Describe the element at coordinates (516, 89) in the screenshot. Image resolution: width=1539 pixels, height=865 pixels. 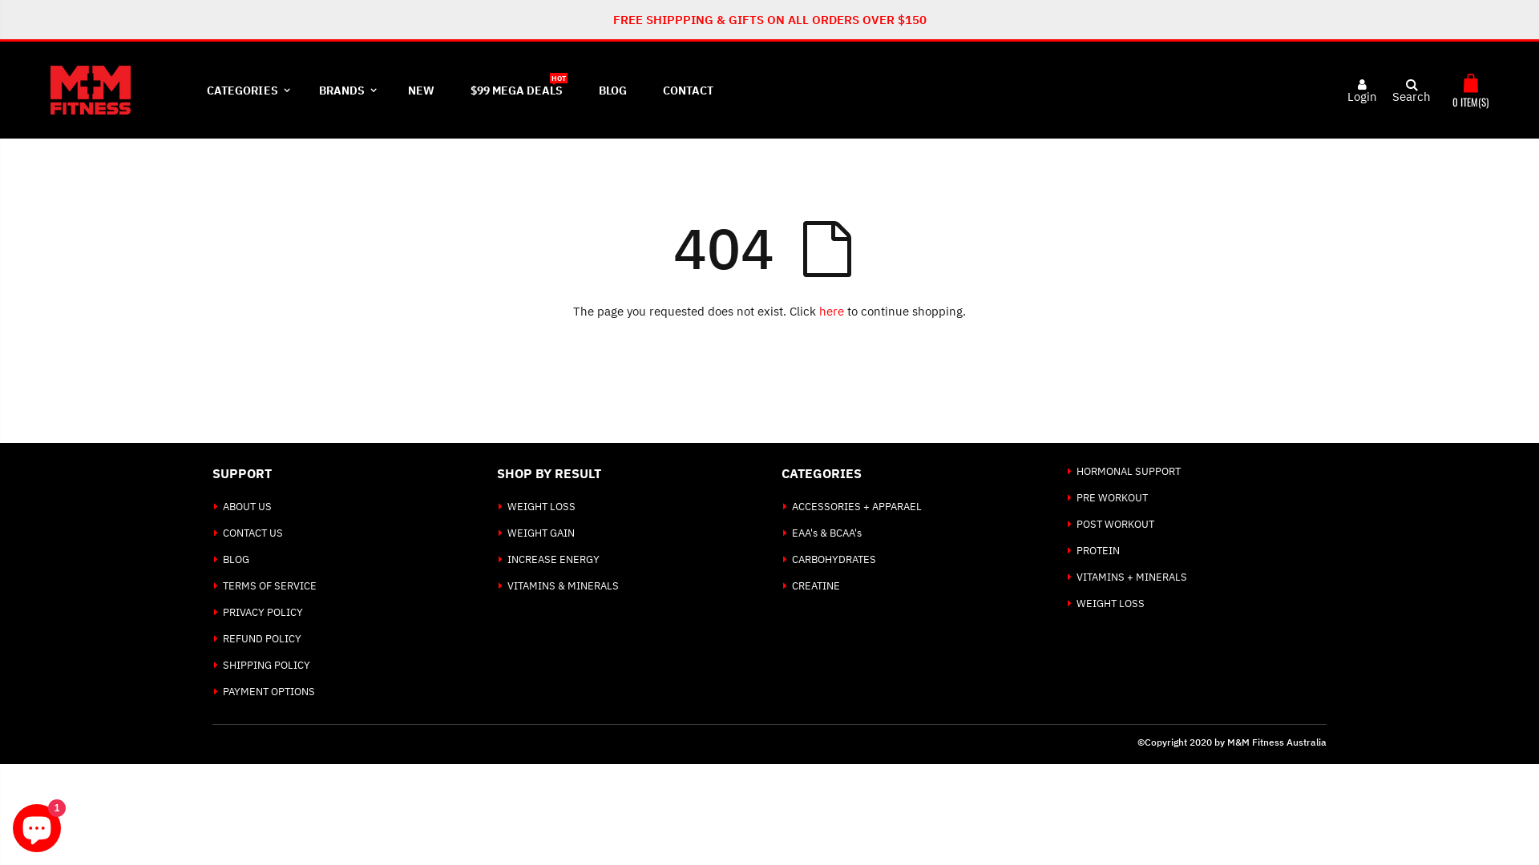
I see `'$99 MEGA DEALS` at that location.